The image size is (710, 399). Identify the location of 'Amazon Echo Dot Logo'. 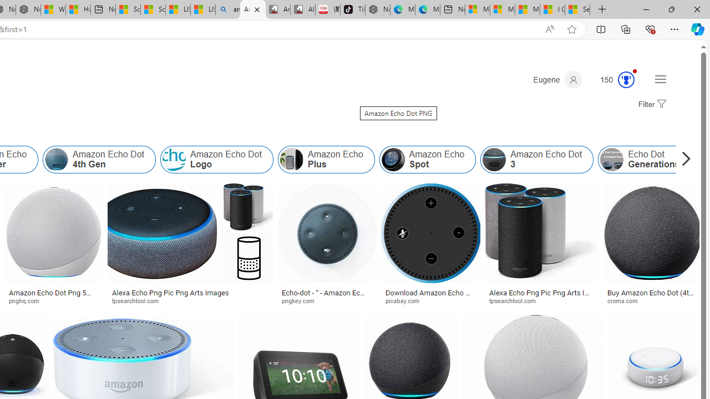
(217, 160).